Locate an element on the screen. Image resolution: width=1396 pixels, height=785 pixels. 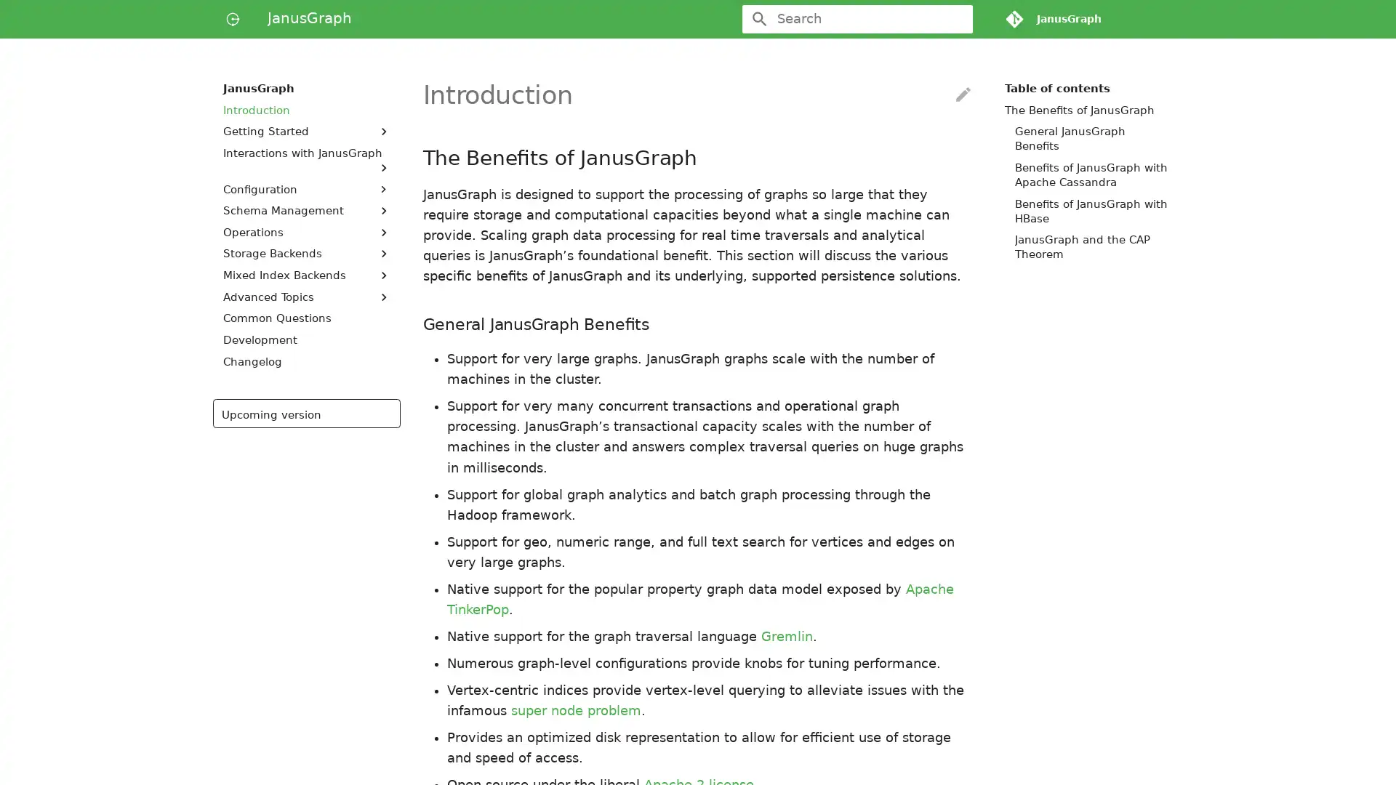
Clear is located at coordinates (955, 19).